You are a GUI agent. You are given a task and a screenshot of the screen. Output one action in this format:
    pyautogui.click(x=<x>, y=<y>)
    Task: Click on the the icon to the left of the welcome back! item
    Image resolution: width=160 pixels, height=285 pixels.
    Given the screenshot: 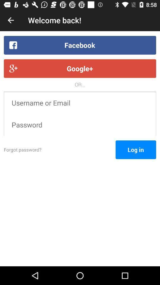 What is the action you would take?
    pyautogui.click(x=11, y=20)
    